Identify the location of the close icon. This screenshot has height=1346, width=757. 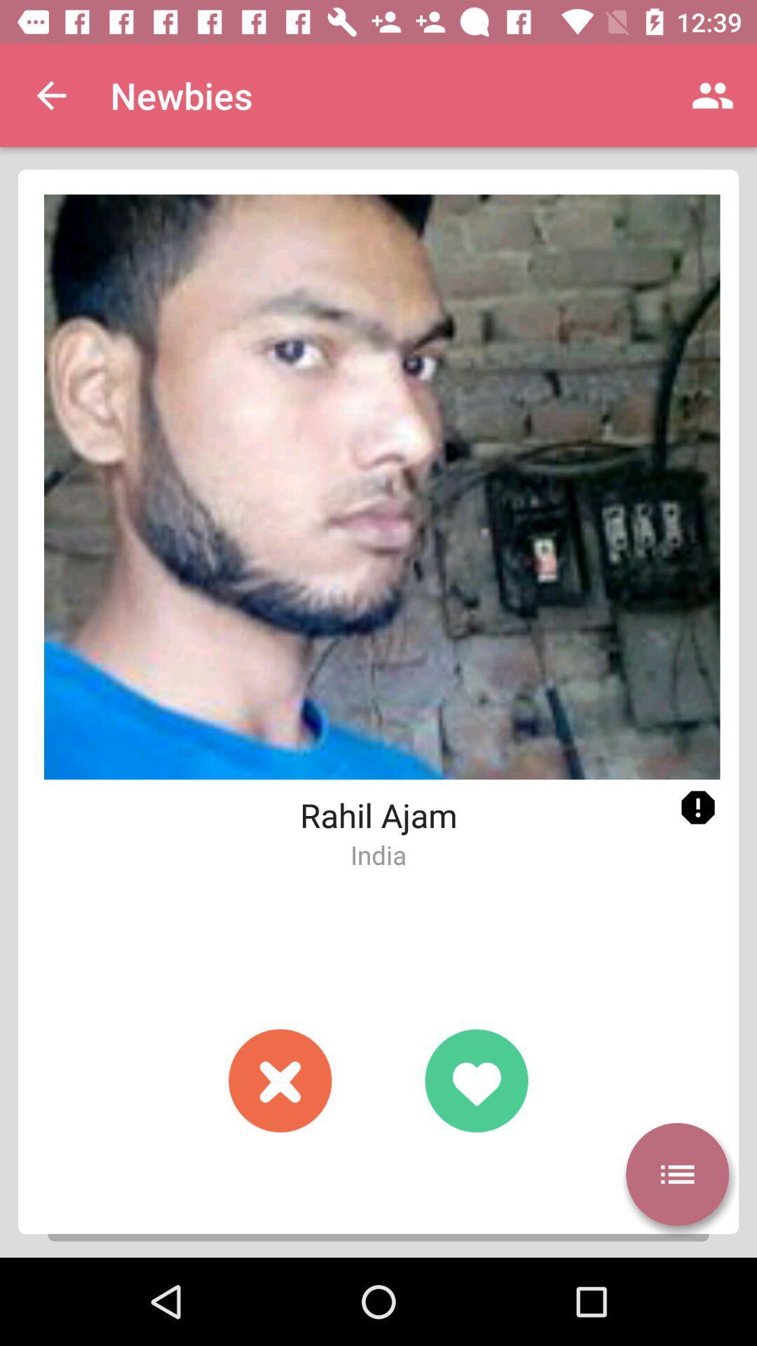
(280, 1080).